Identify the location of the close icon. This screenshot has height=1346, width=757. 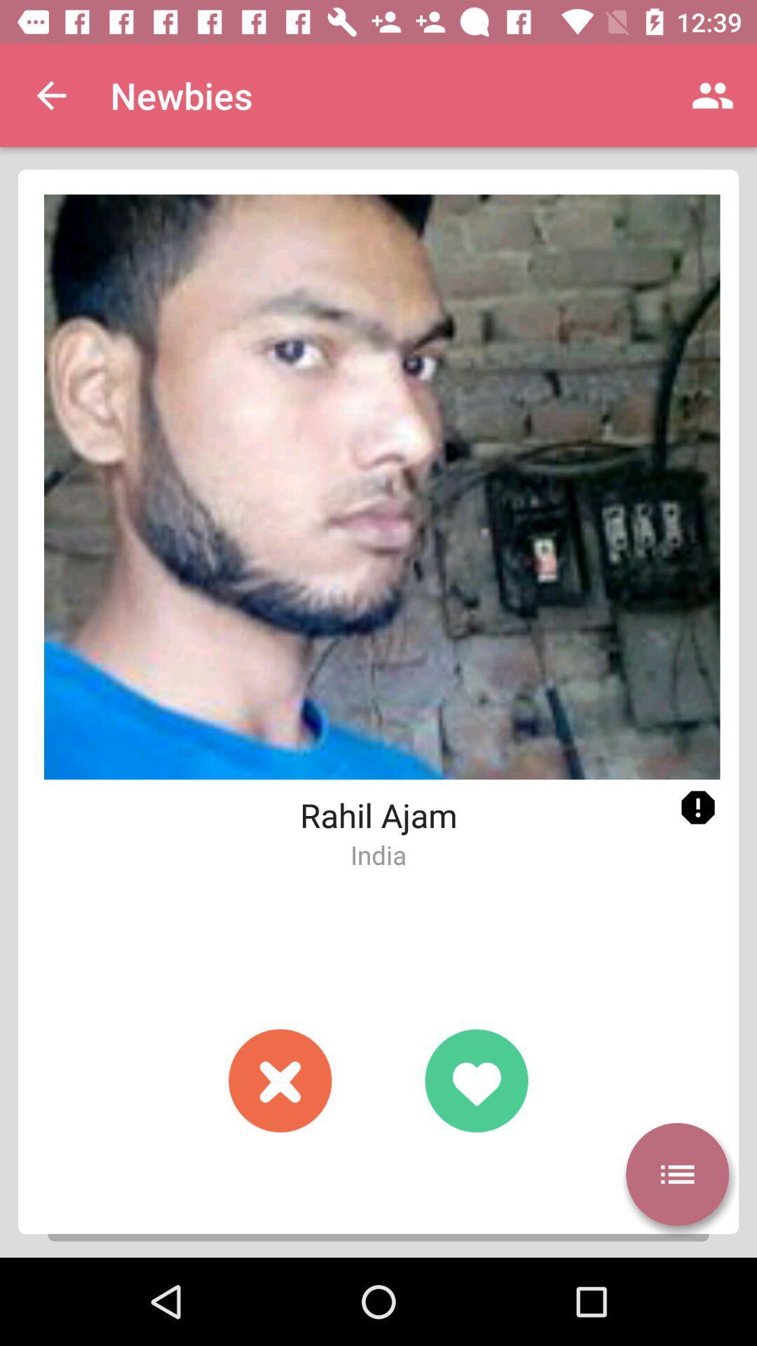
(280, 1080).